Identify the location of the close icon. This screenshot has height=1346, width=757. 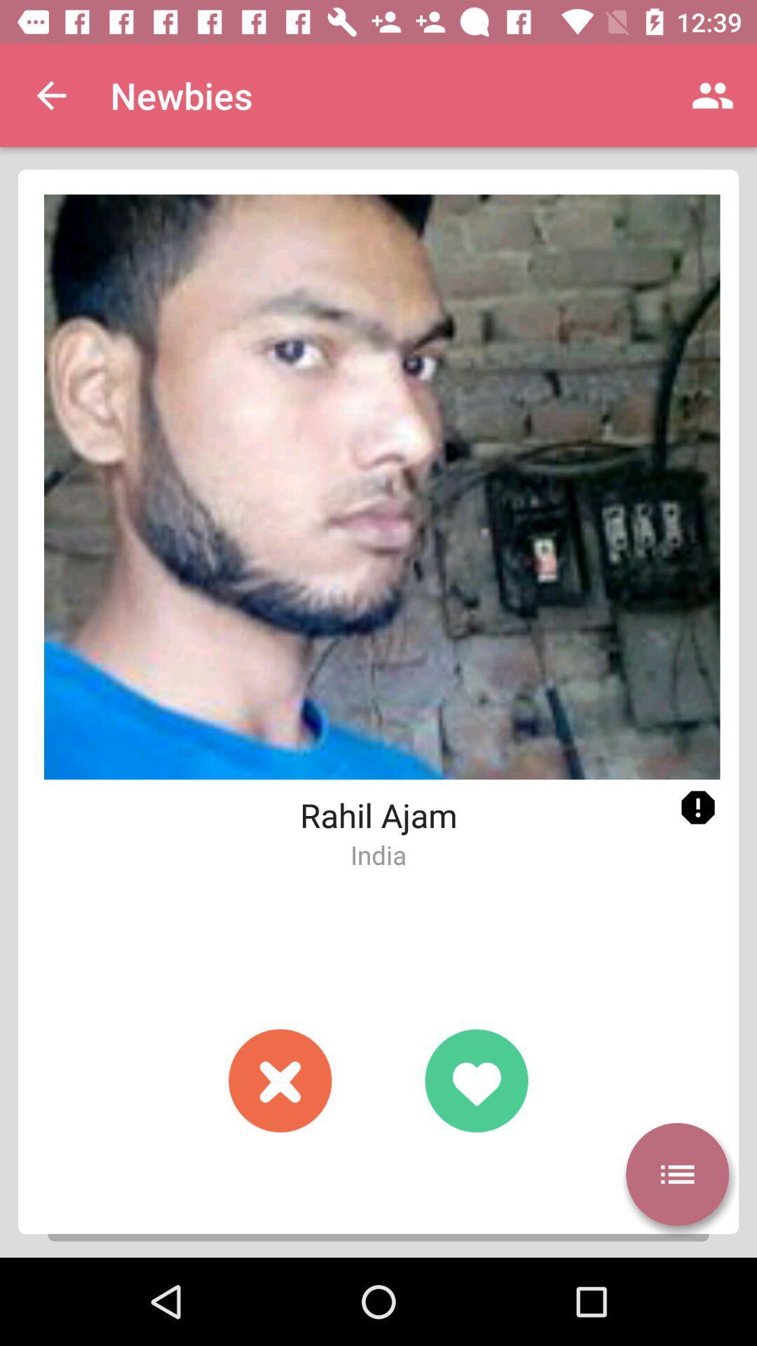
(280, 1080).